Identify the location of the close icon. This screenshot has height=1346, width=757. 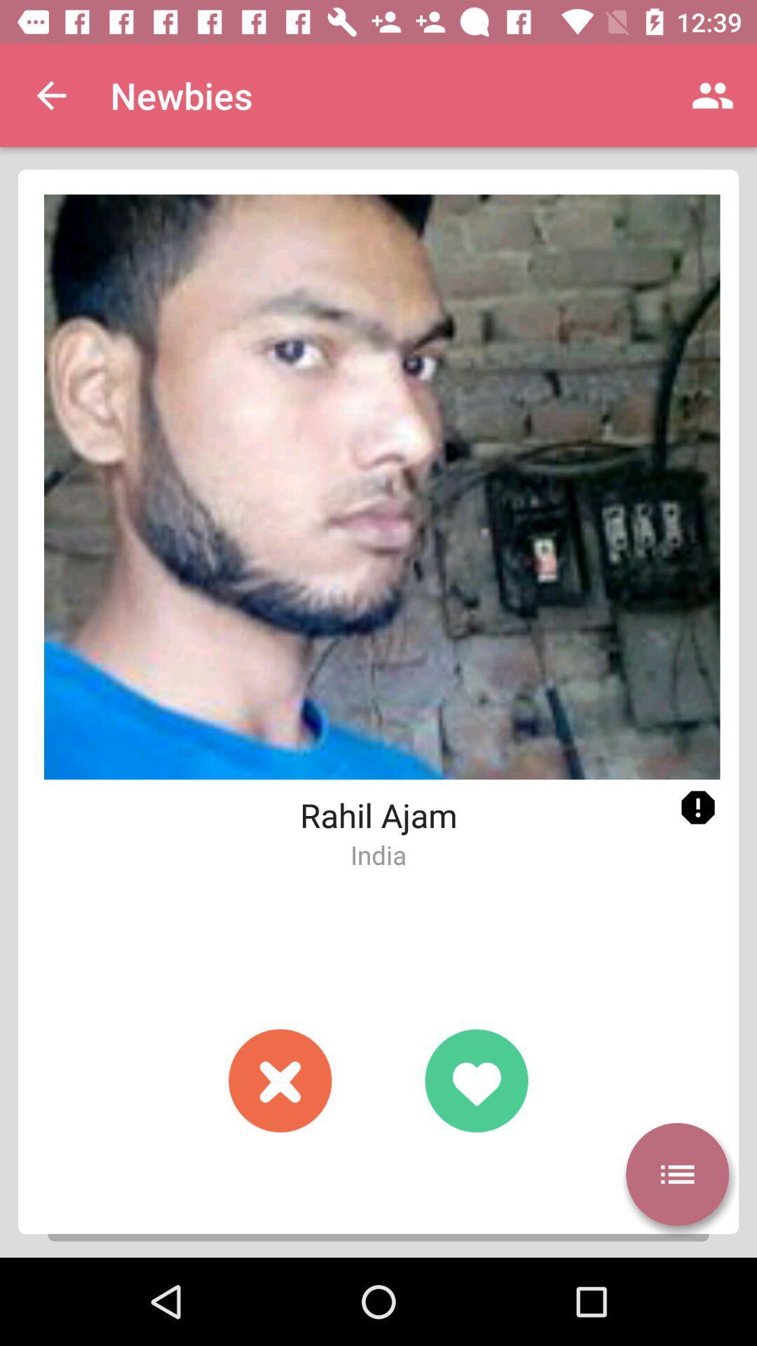
(280, 1080).